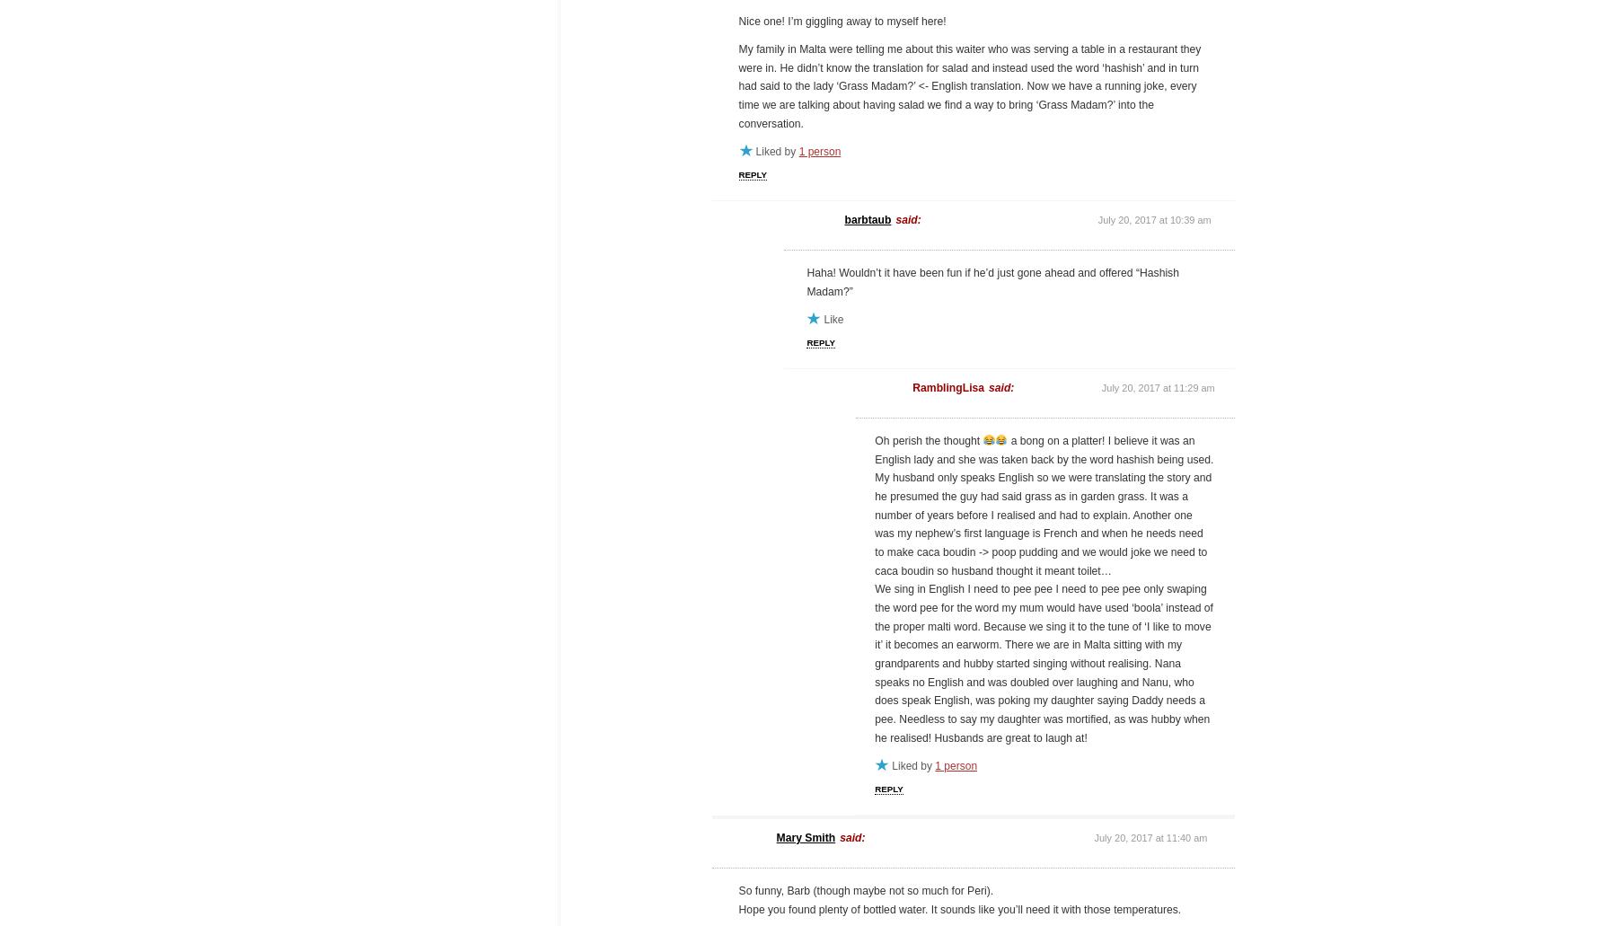  What do you see at coordinates (833, 319) in the screenshot?
I see `'Like'` at bounding box center [833, 319].